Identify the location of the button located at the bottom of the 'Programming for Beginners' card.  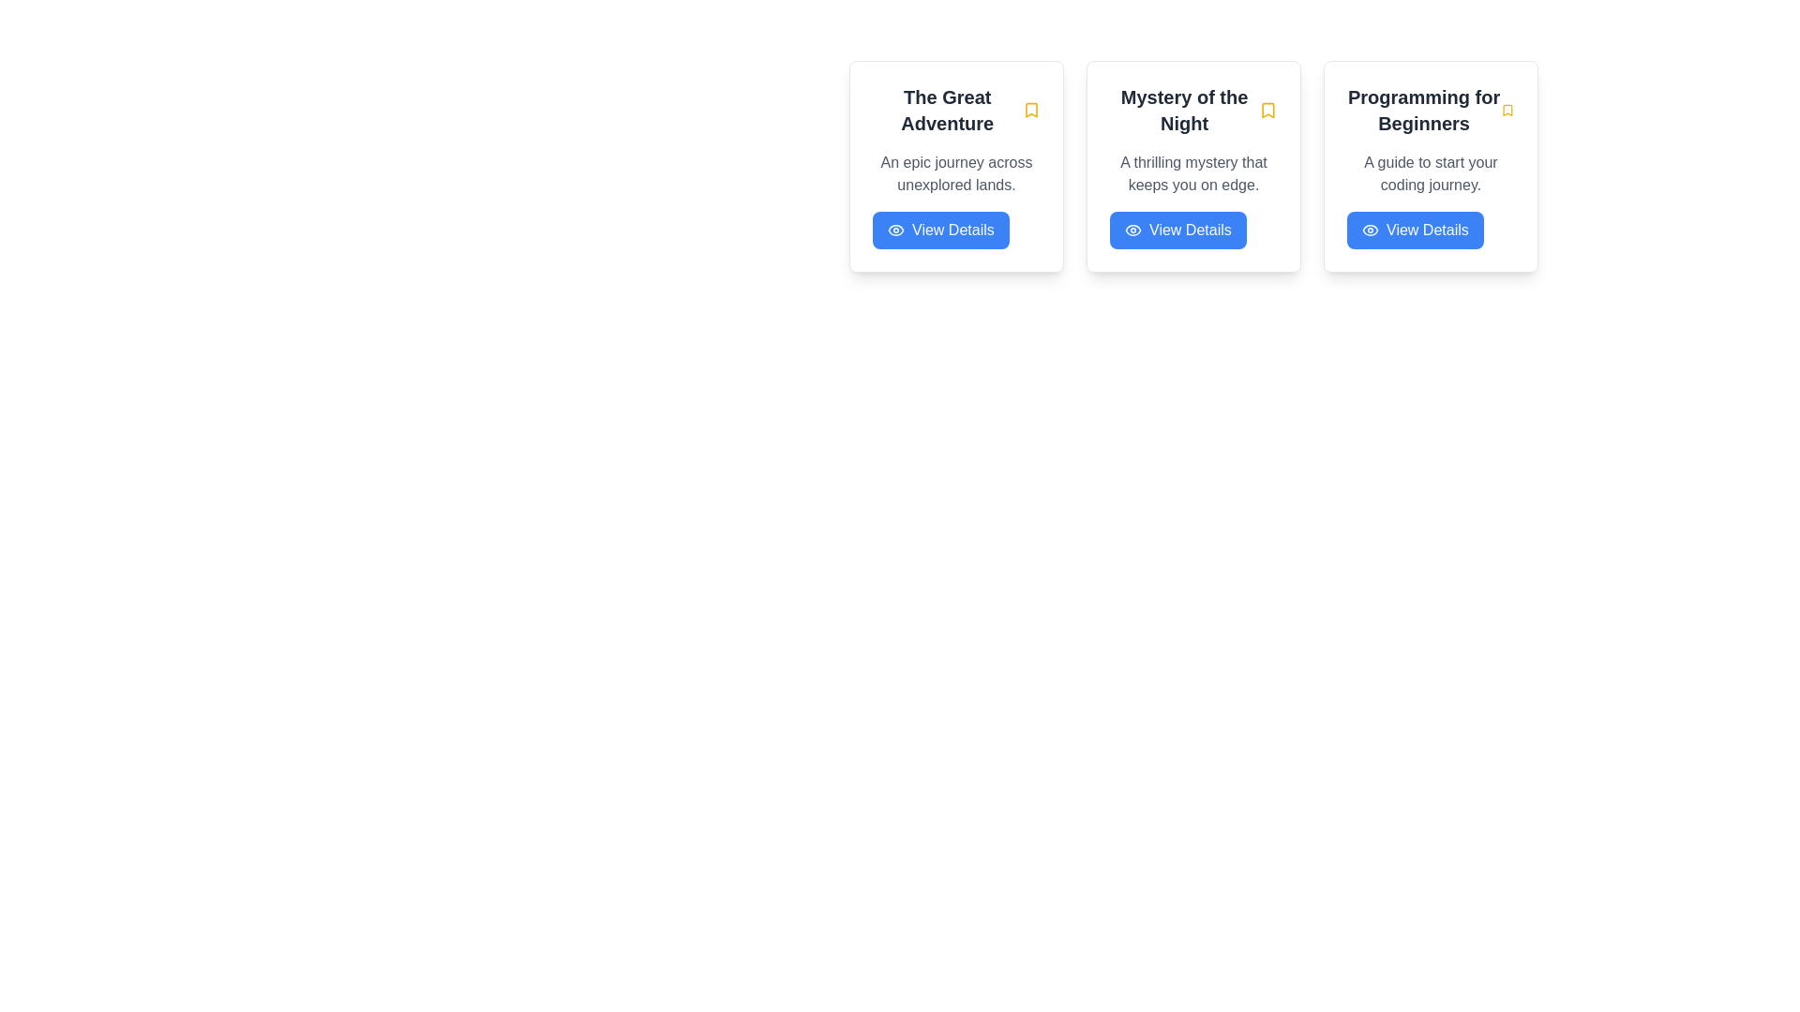
(1415, 230).